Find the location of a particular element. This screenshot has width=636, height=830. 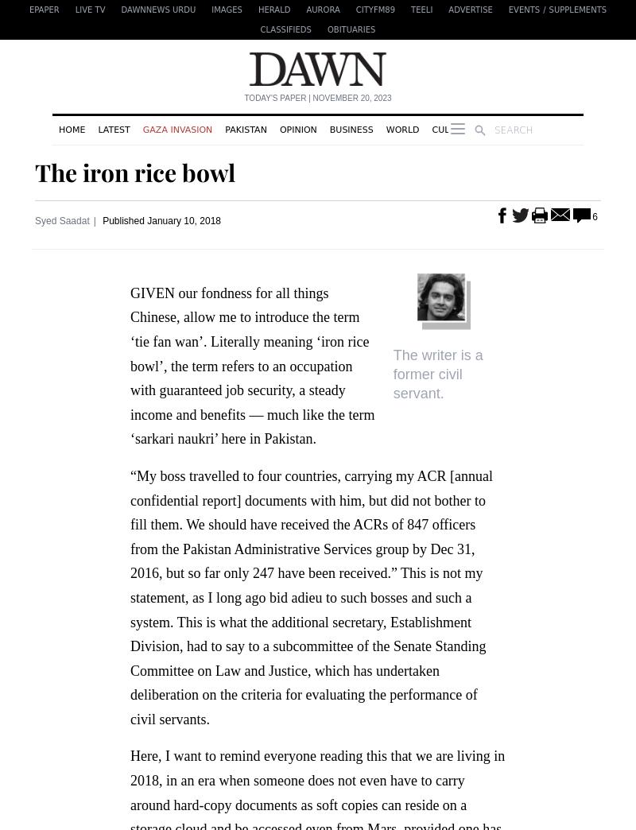

'Supplements' is located at coordinates (576, 9).